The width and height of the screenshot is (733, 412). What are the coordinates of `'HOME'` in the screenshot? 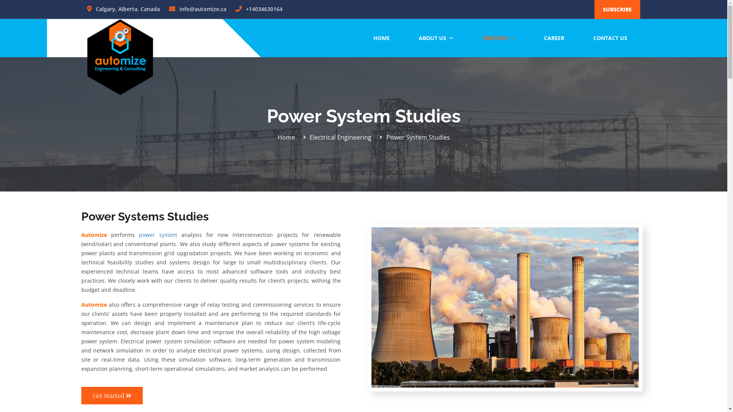 It's located at (380, 38).